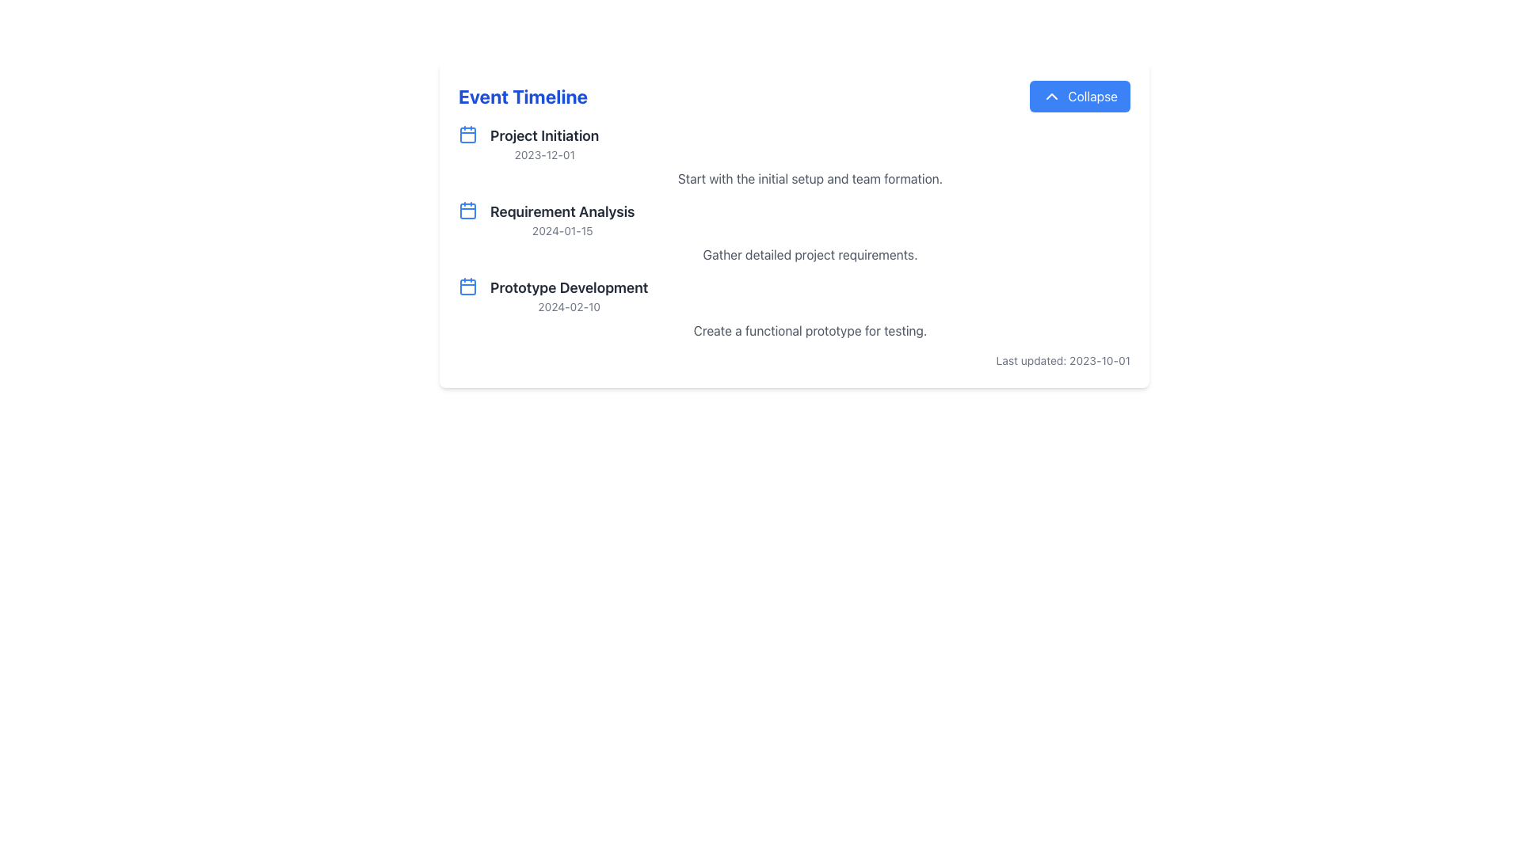 The image size is (1521, 855). Describe the element at coordinates (795, 253) in the screenshot. I see `the text label displaying 'Gather detailed project requirements.' which is styled in muted gray color and located below the 'Requirement Analysis' section` at that location.